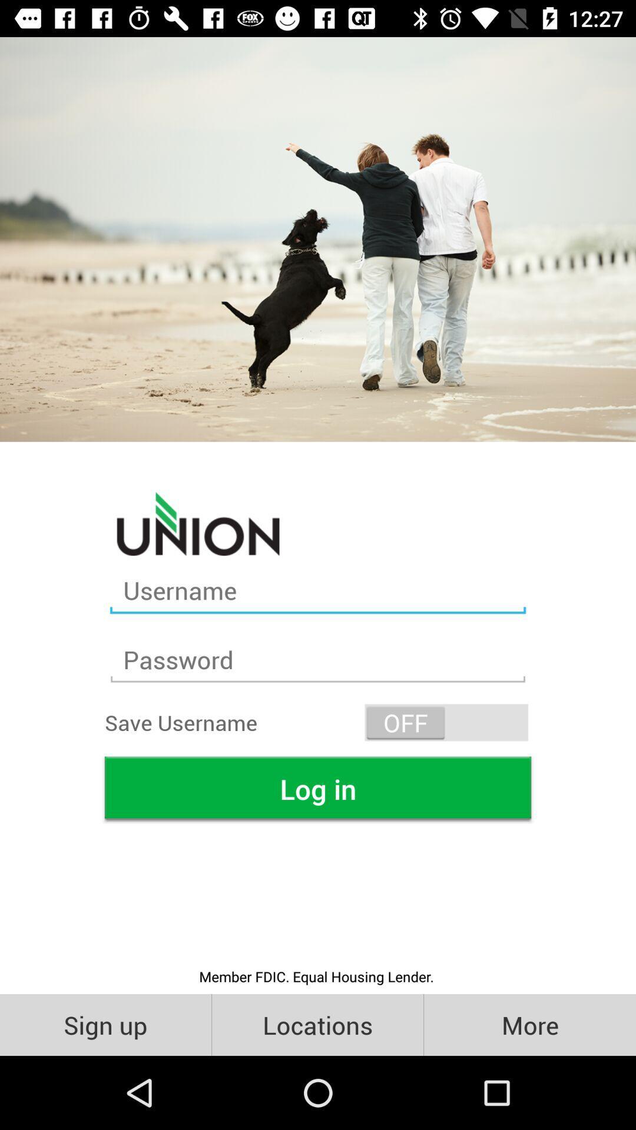 This screenshot has height=1130, width=636. Describe the element at coordinates (446, 722) in the screenshot. I see `the icon on the right` at that location.